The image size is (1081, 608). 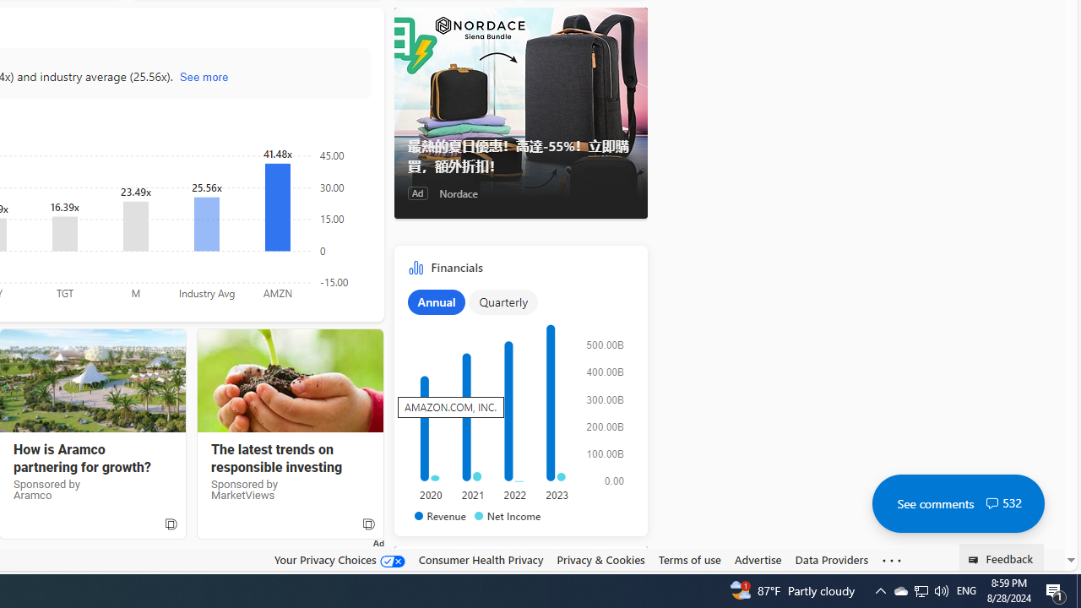 I want to click on 'Advertise', so click(x=757, y=559).